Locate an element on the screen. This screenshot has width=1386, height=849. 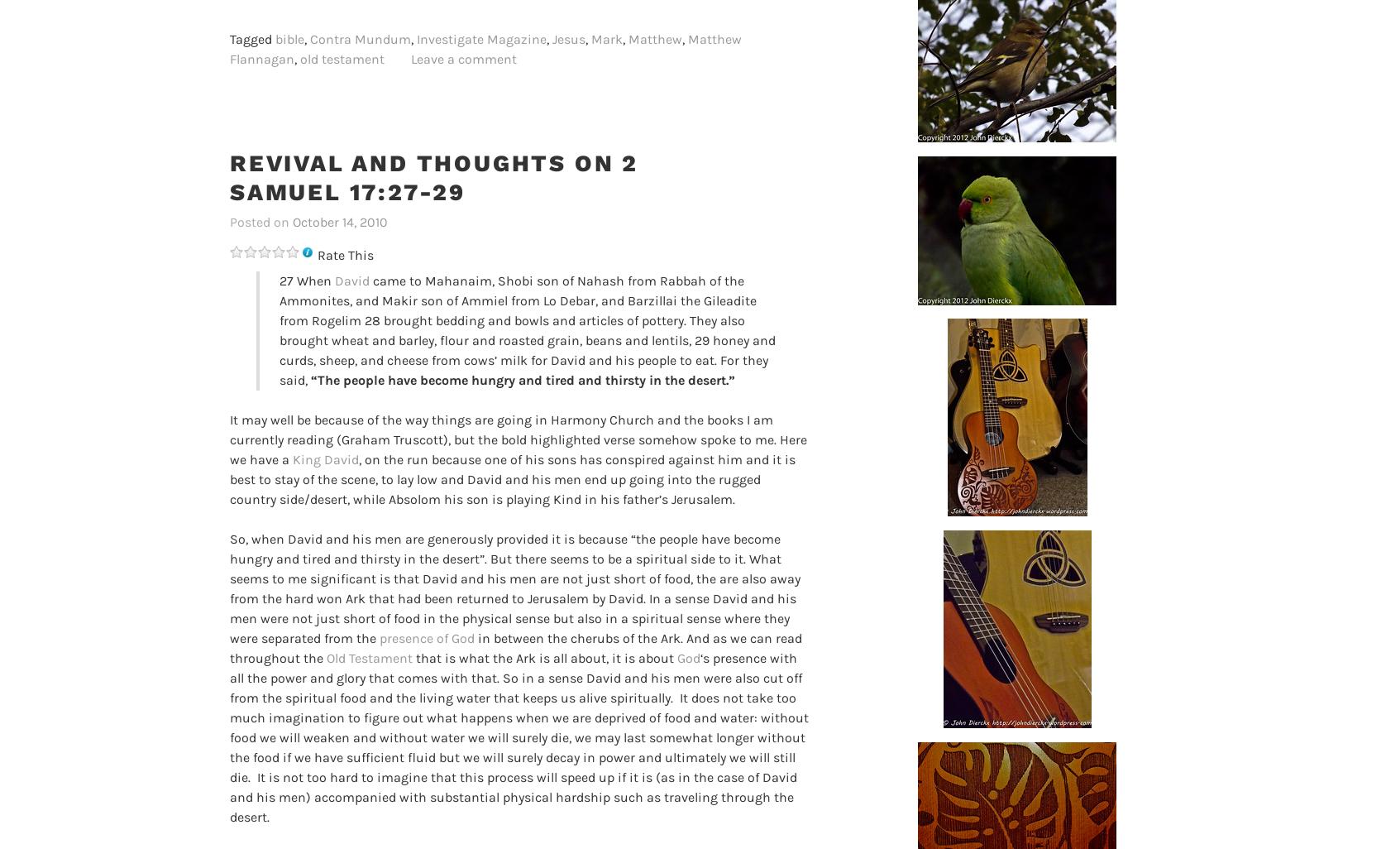
'bible' is located at coordinates (275, 38).